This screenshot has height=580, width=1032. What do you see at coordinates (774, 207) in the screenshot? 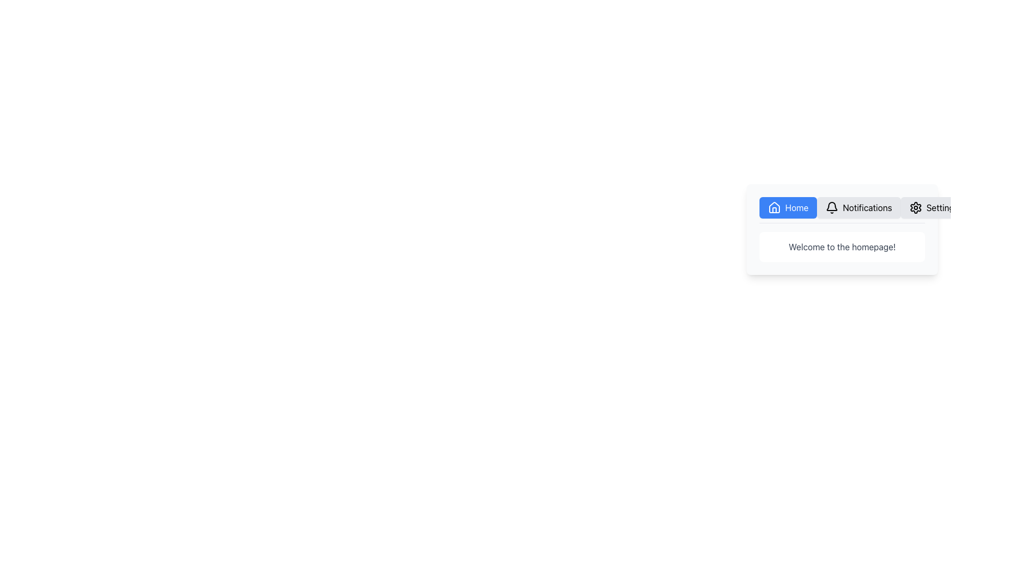
I see `the decorative vector graphic icon representing the 'Home' button located in the navigation bar at the top-left corner of the interface` at bounding box center [774, 207].